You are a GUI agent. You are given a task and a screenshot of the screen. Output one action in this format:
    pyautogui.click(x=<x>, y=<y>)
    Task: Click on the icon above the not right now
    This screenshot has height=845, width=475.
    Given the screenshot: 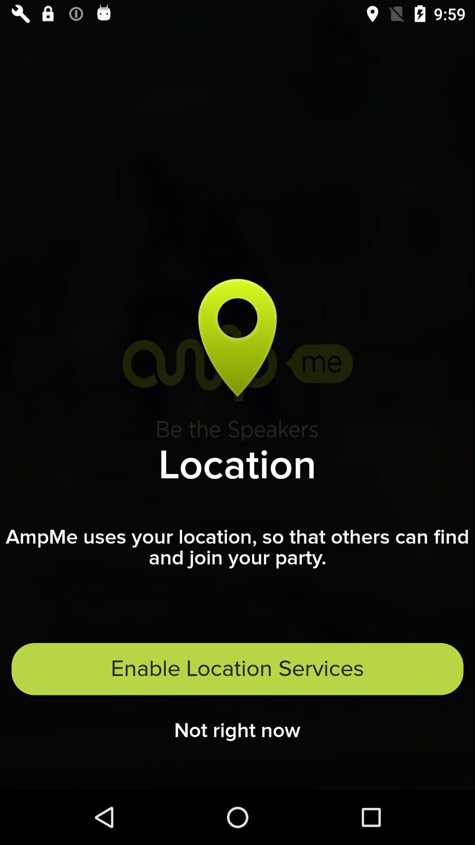 What is the action you would take?
    pyautogui.click(x=237, y=669)
    